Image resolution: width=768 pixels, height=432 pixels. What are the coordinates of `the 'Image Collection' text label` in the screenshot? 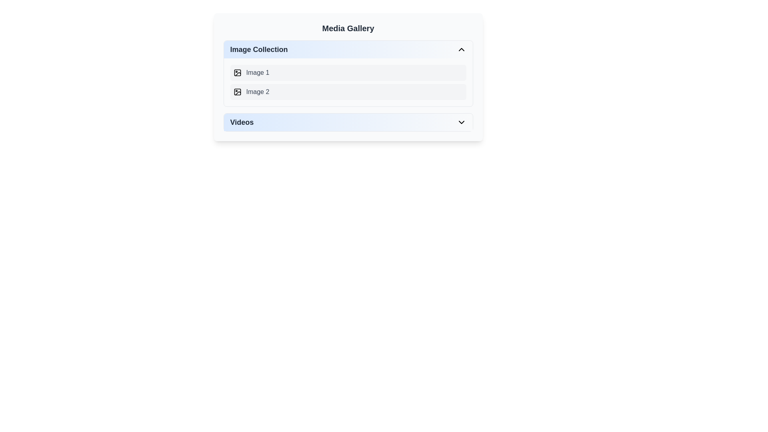 It's located at (259, 49).